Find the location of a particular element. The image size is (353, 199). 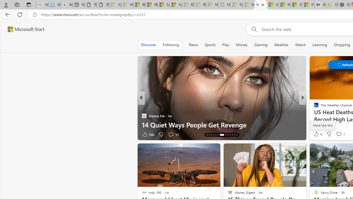

'A Conscious Rethink' is located at coordinates (314, 107).